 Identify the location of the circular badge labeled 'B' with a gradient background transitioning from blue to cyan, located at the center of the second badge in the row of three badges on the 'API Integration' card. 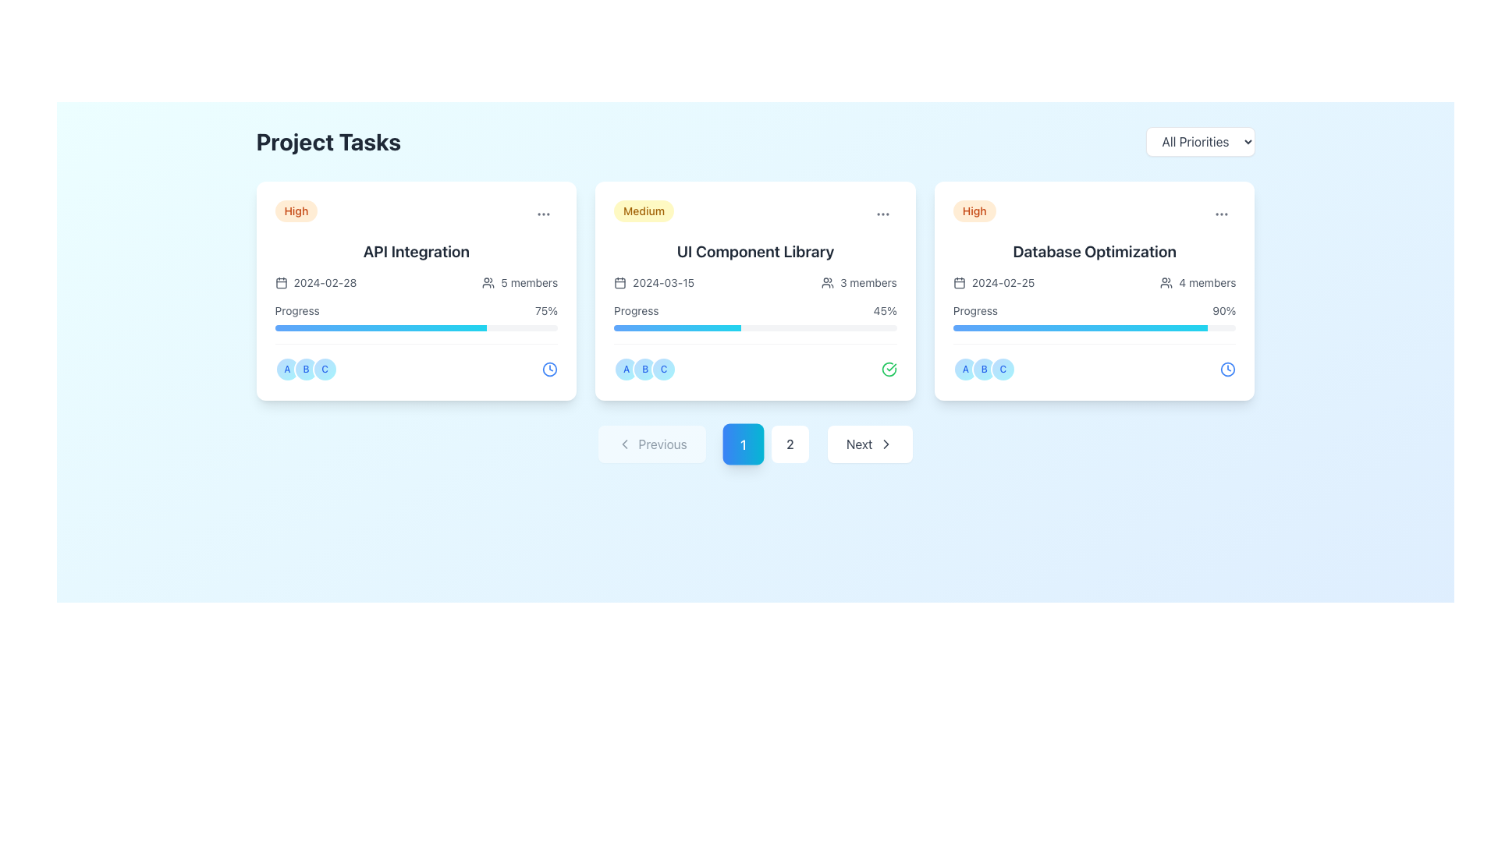
(306, 370).